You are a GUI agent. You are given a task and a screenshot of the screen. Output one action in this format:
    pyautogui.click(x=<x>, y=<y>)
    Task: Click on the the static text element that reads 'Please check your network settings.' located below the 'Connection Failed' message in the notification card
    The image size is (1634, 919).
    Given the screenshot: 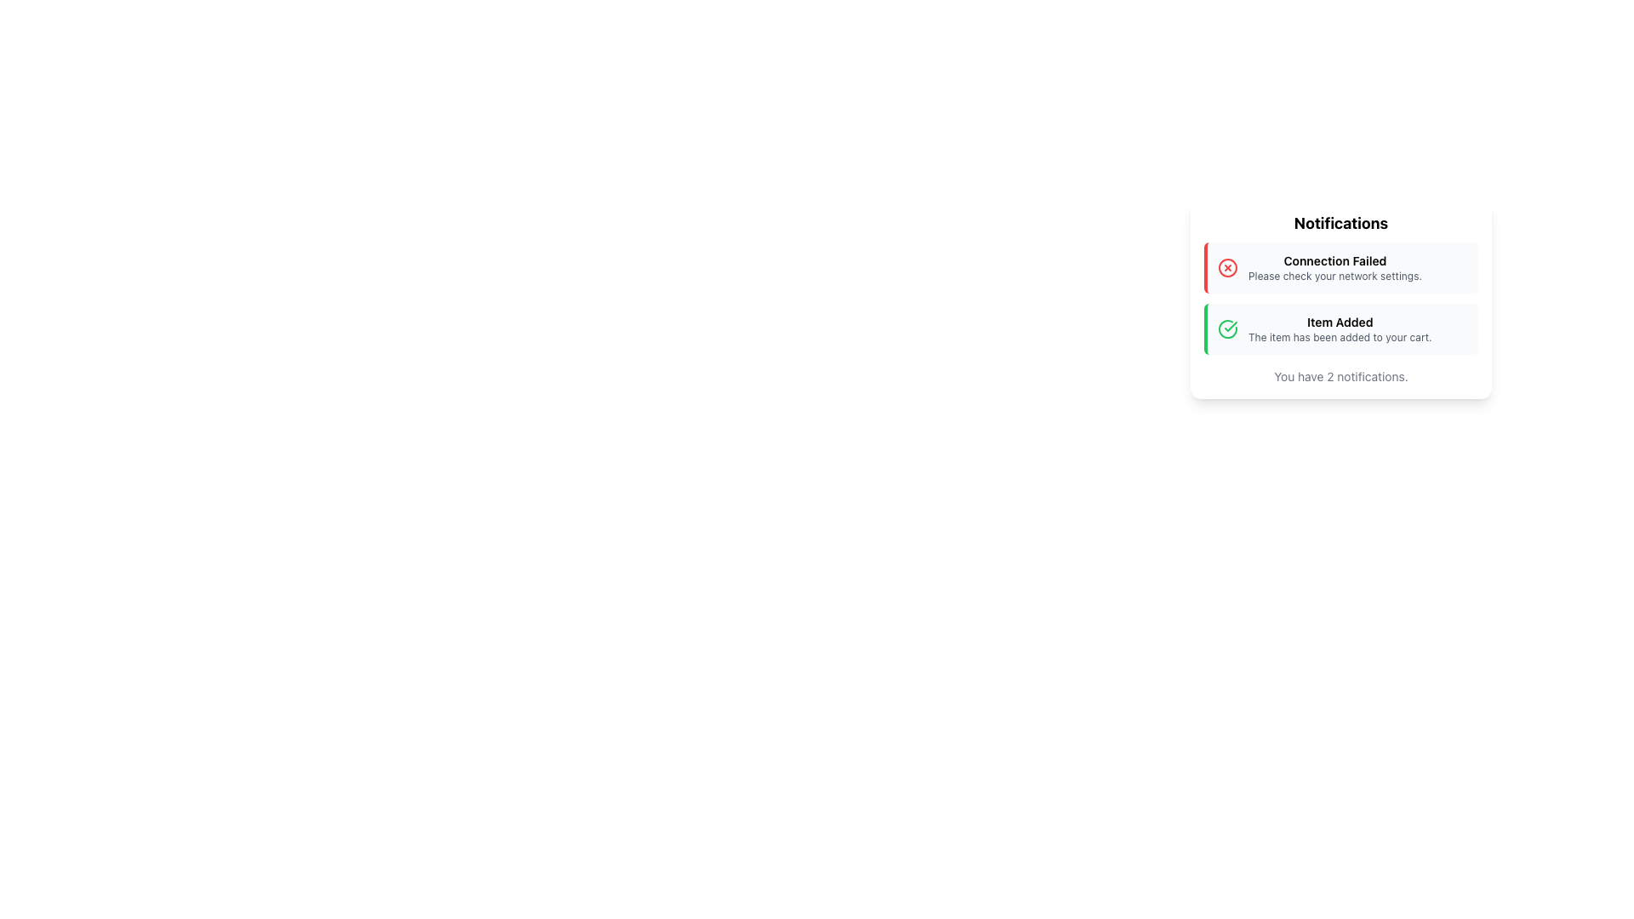 What is the action you would take?
    pyautogui.click(x=1334, y=275)
    